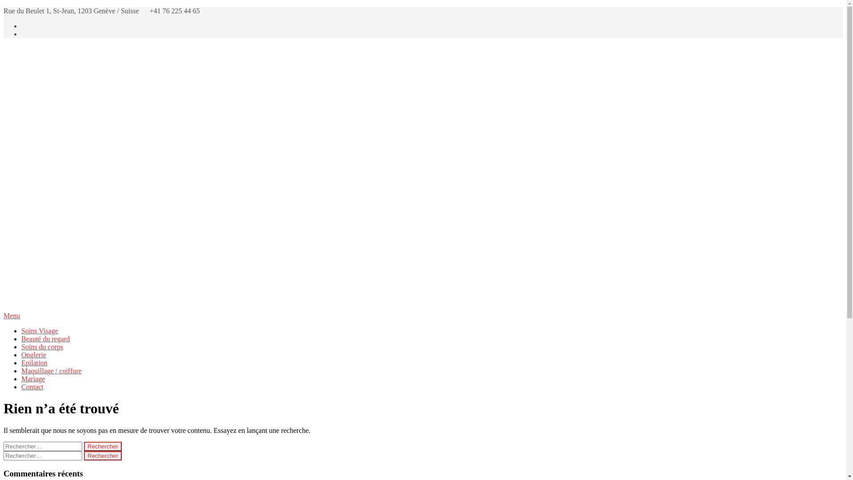 The width and height of the screenshot is (853, 480). Describe the element at coordinates (34, 363) in the screenshot. I see `'Epilation'` at that location.